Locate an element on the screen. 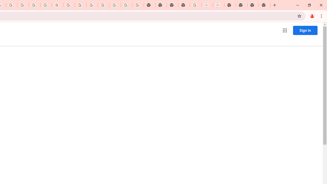 This screenshot has width=327, height=184. 'YouTube' is located at coordinates (69, 5).